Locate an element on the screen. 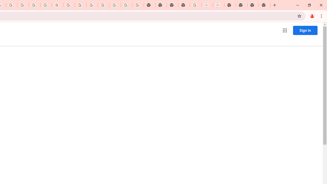 This screenshot has width=327, height=184. 'YouTube' is located at coordinates (69, 5).